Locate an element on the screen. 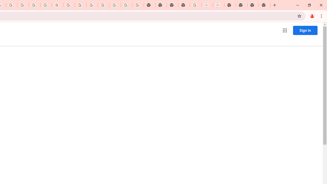 This screenshot has width=327, height=184. 'YouTube' is located at coordinates (69, 5).